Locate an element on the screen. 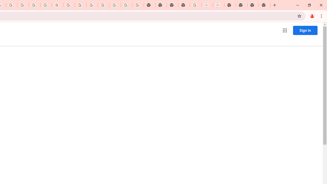 This screenshot has width=327, height=184. 'YouTube' is located at coordinates (69, 5).